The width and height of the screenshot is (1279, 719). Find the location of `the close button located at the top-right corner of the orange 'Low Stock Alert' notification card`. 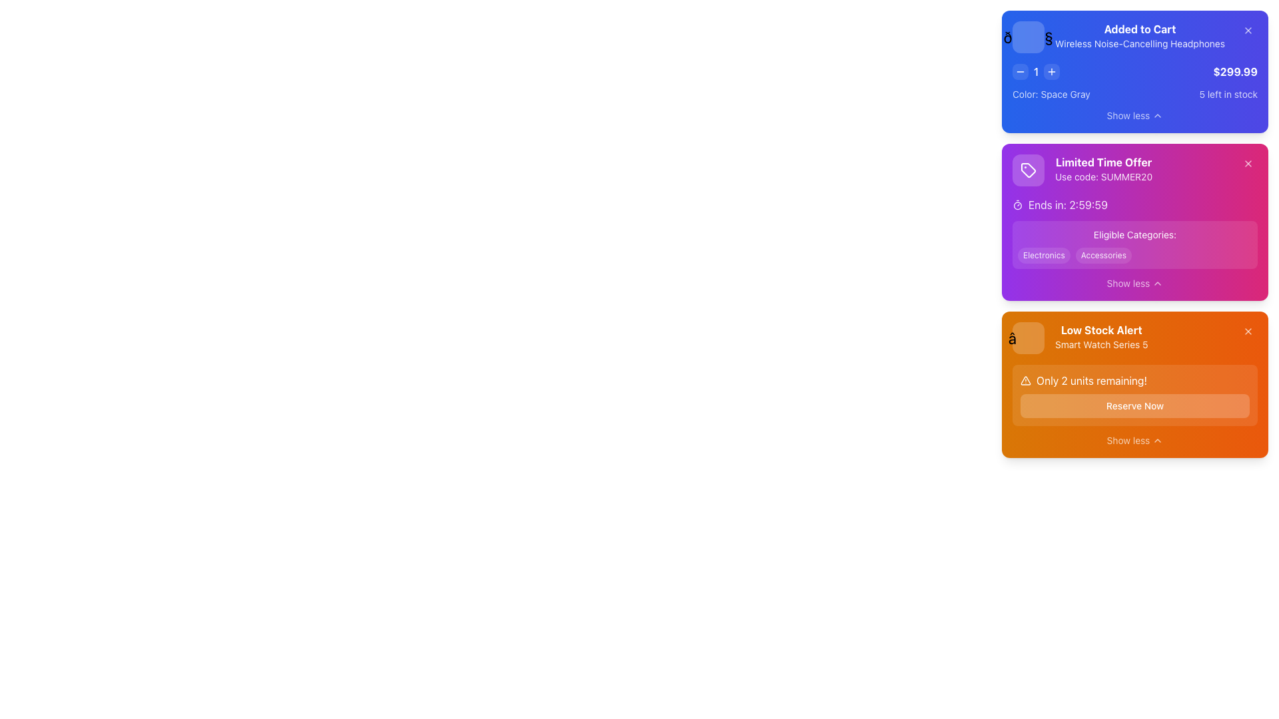

the close button located at the top-right corner of the orange 'Low Stock Alert' notification card is located at coordinates (1247, 330).